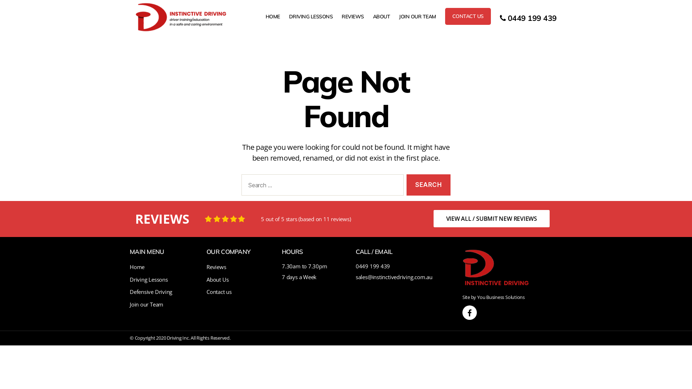 The image size is (692, 389). I want to click on 'Driving Lessons', so click(148, 279).